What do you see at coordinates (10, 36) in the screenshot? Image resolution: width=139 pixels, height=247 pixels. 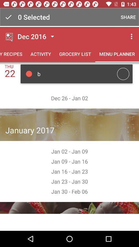 I see `the icon on left to the button dec 2016 on the web page` at bounding box center [10, 36].